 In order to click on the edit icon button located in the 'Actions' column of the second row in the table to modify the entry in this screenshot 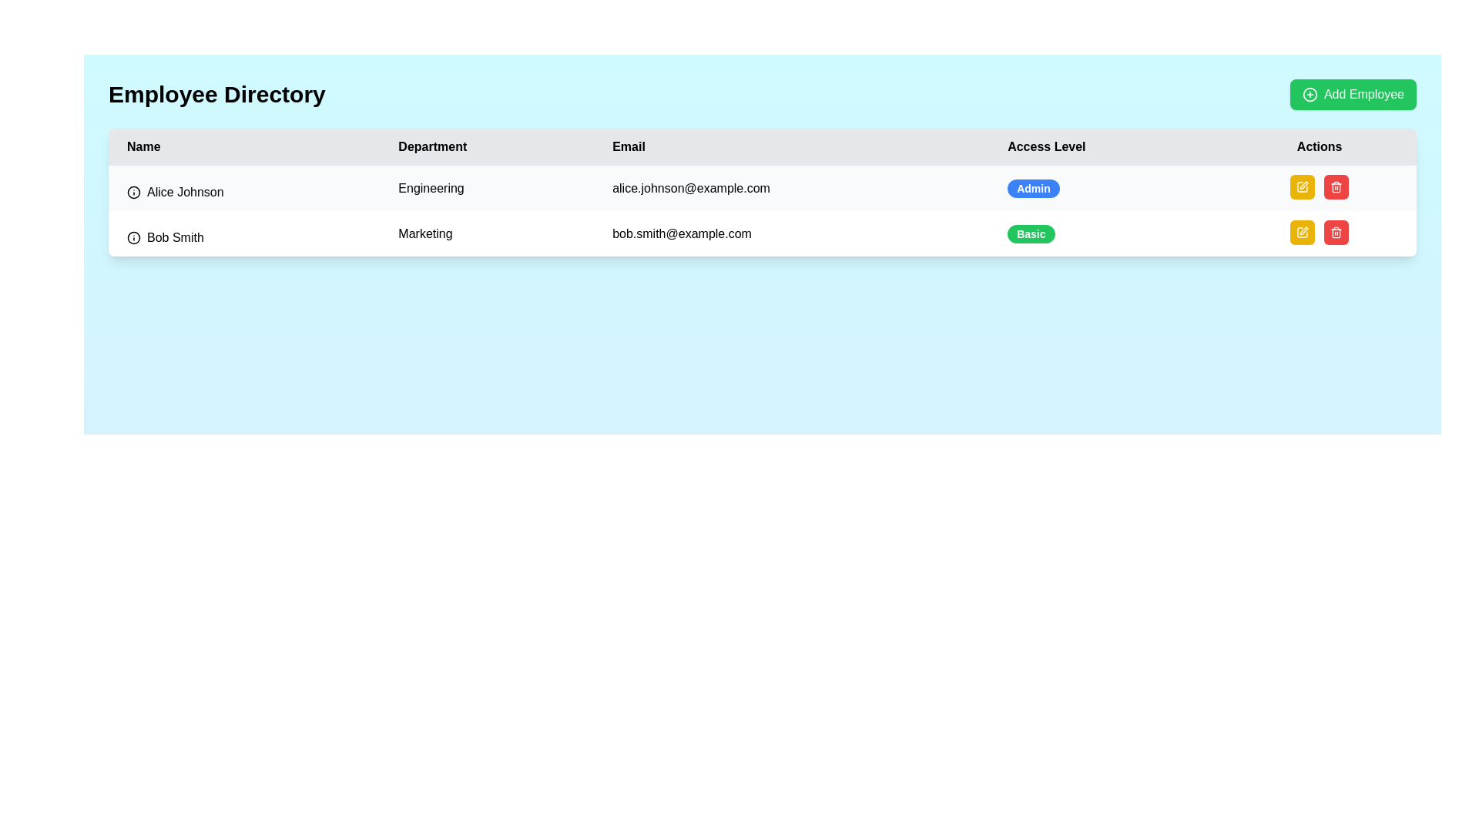, I will do `click(1302, 186)`.